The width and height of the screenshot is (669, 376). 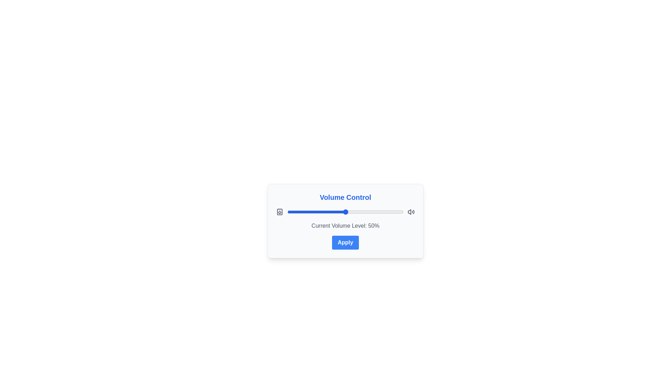 I want to click on the slider, so click(x=331, y=212).